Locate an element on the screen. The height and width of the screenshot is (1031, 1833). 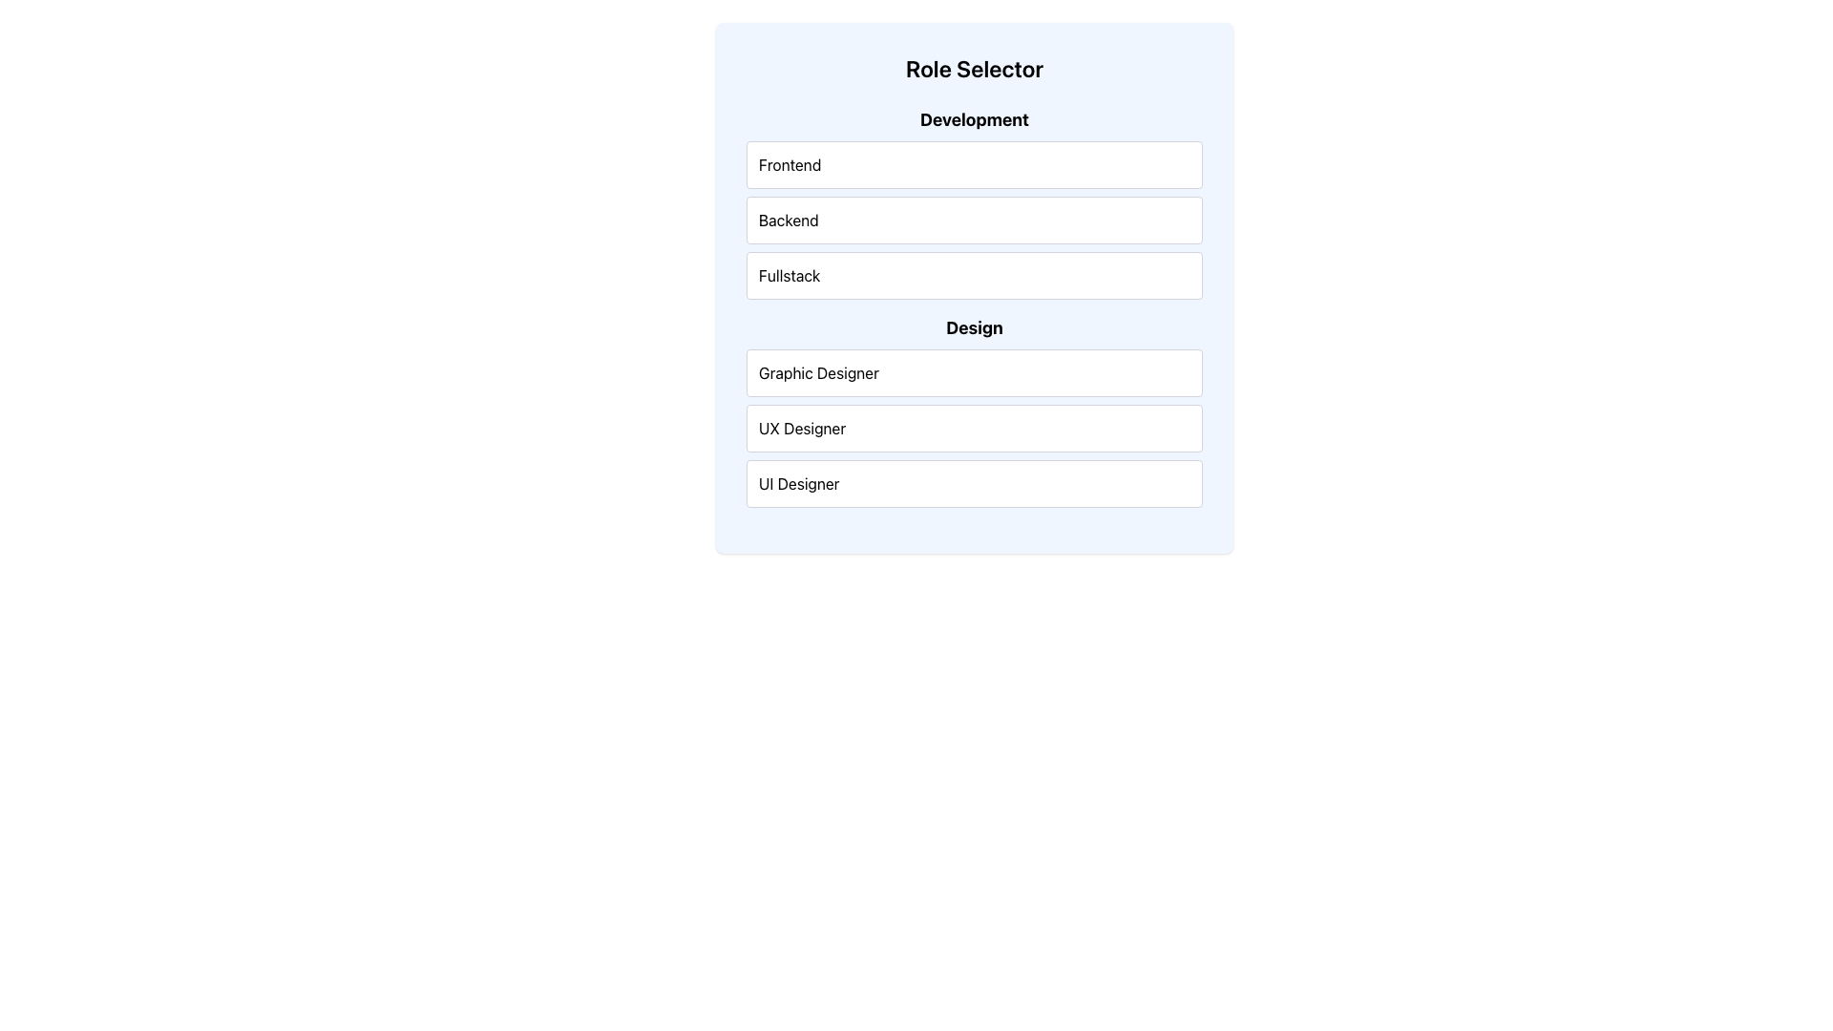
the first selectable option for the 'Frontend' role in the 'Development' category is located at coordinates (975, 164).